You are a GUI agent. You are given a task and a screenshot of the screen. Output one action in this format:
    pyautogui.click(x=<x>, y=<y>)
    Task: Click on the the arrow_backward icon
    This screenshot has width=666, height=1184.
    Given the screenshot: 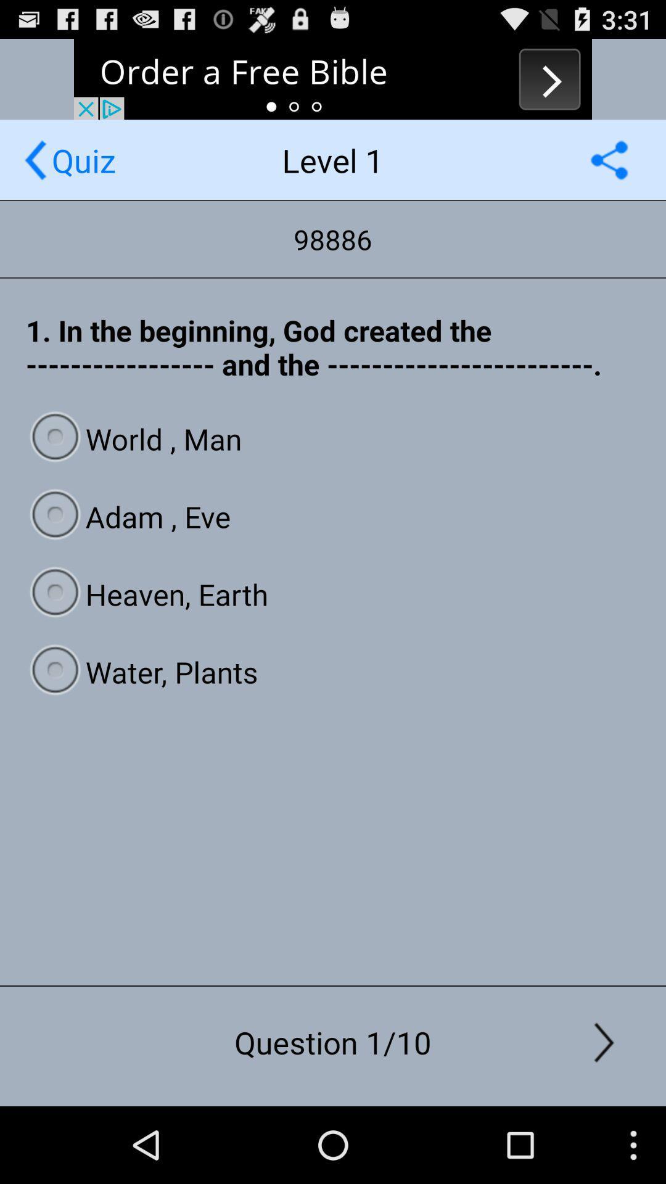 What is the action you would take?
    pyautogui.click(x=35, y=171)
    